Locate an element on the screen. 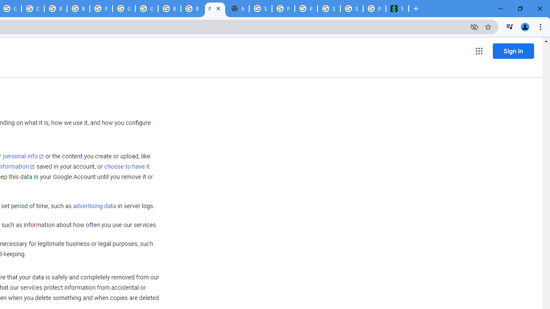 The image size is (550, 309). 'Sign in - Google Accounts' is located at coordinates (260, 9).